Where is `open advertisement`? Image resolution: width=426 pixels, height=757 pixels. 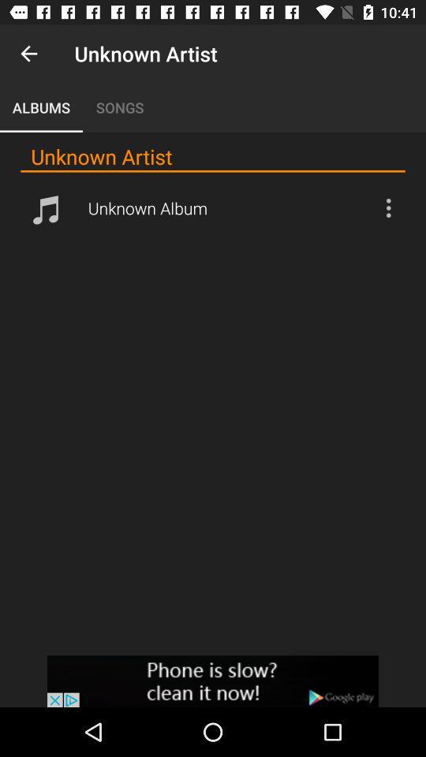
open advertisement is located at coordinates (213, 681).